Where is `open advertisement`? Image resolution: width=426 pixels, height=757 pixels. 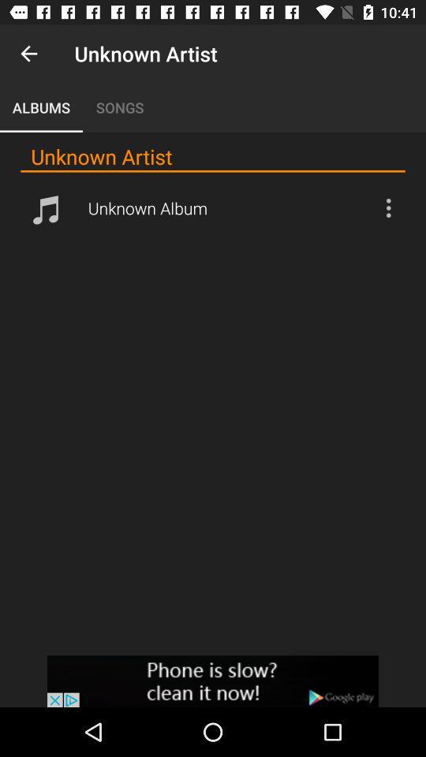
open advertisement is located at coordinates (213, 681).